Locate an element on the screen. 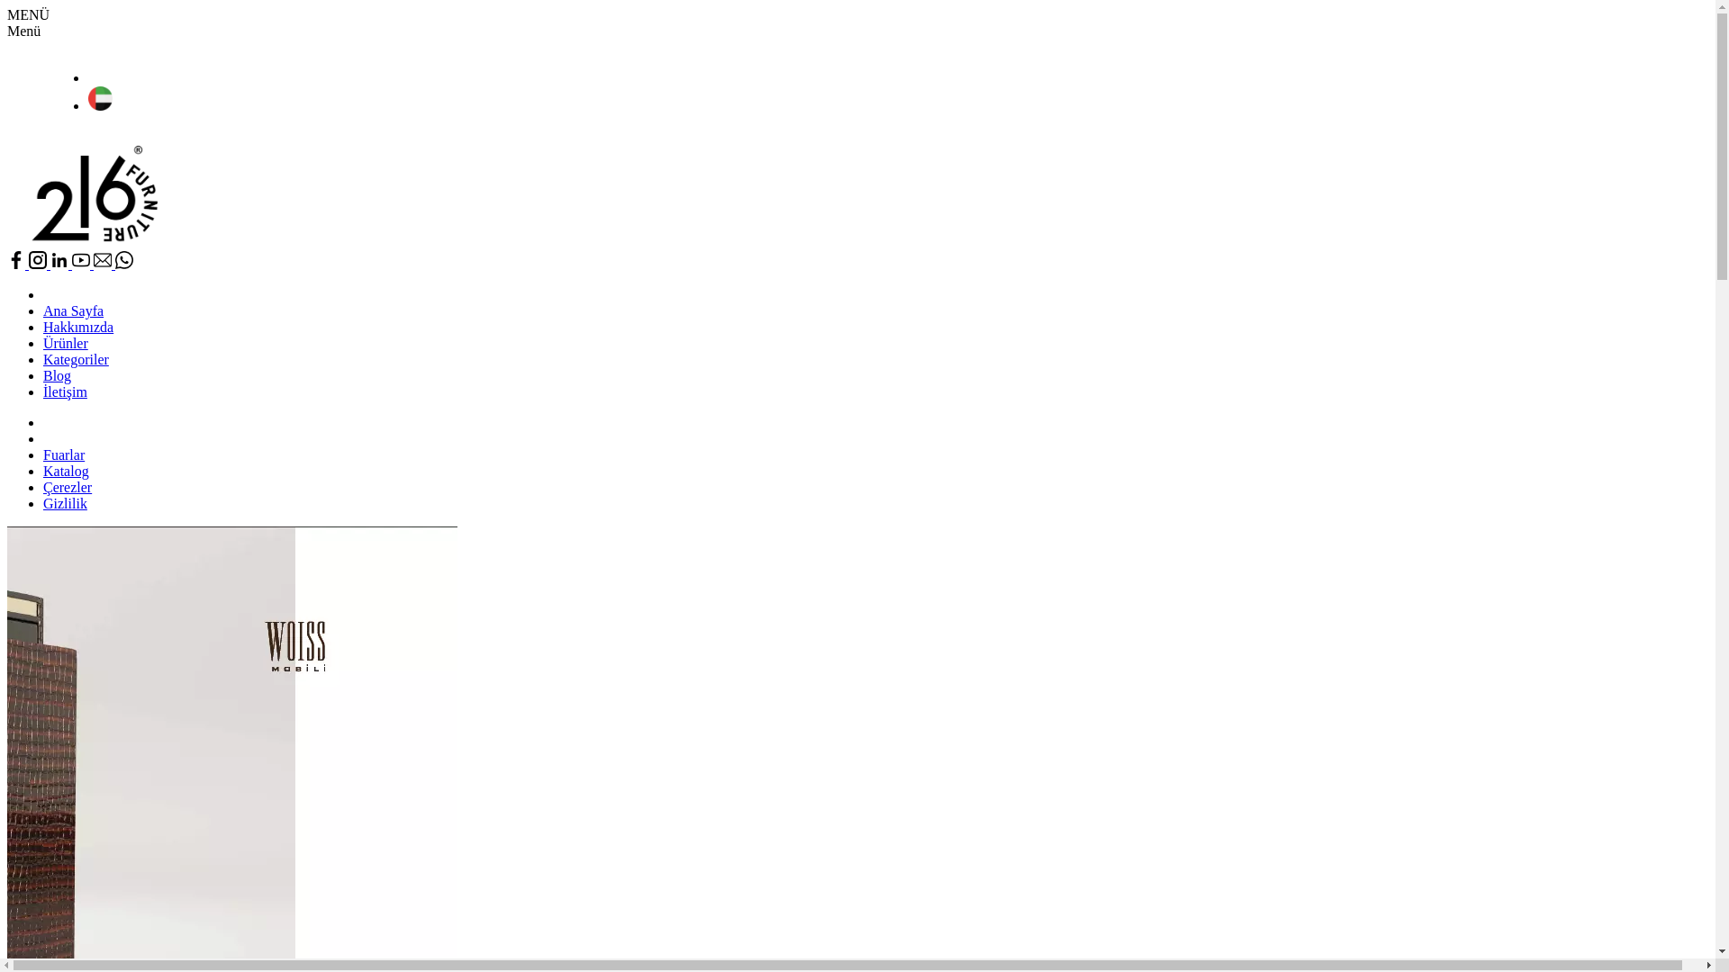  'Katalog' is located at coordinates (66, 470).